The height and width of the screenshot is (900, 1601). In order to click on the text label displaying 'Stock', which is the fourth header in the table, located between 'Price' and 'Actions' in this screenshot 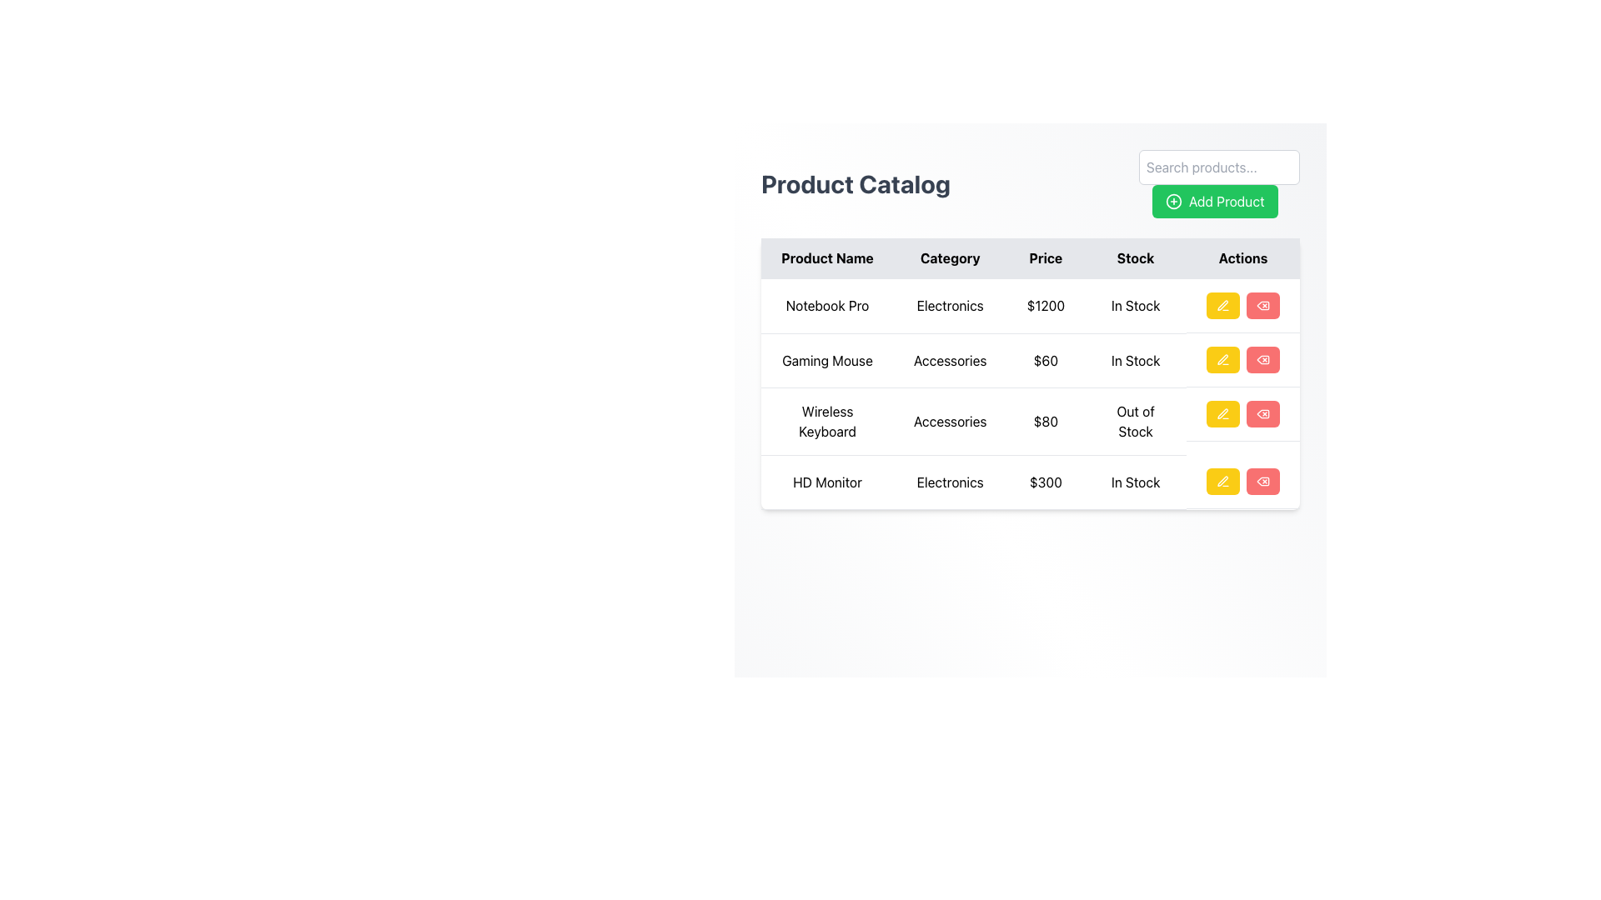, I will do `click(1135, 258)`.